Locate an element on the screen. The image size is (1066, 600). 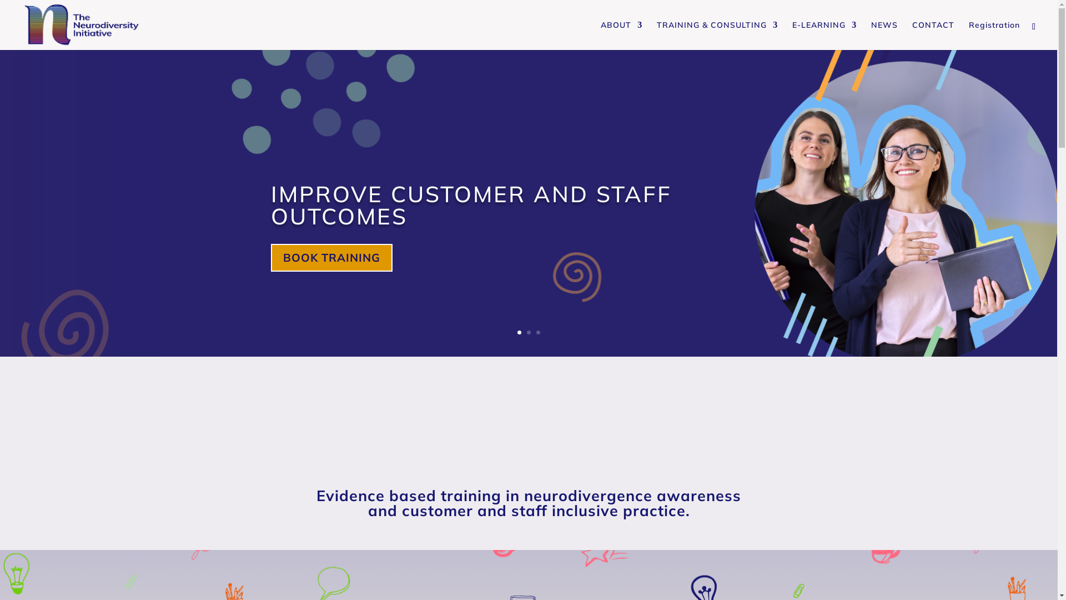
'TRAINING & CONSULTING' is located at coordinates (717, 35).